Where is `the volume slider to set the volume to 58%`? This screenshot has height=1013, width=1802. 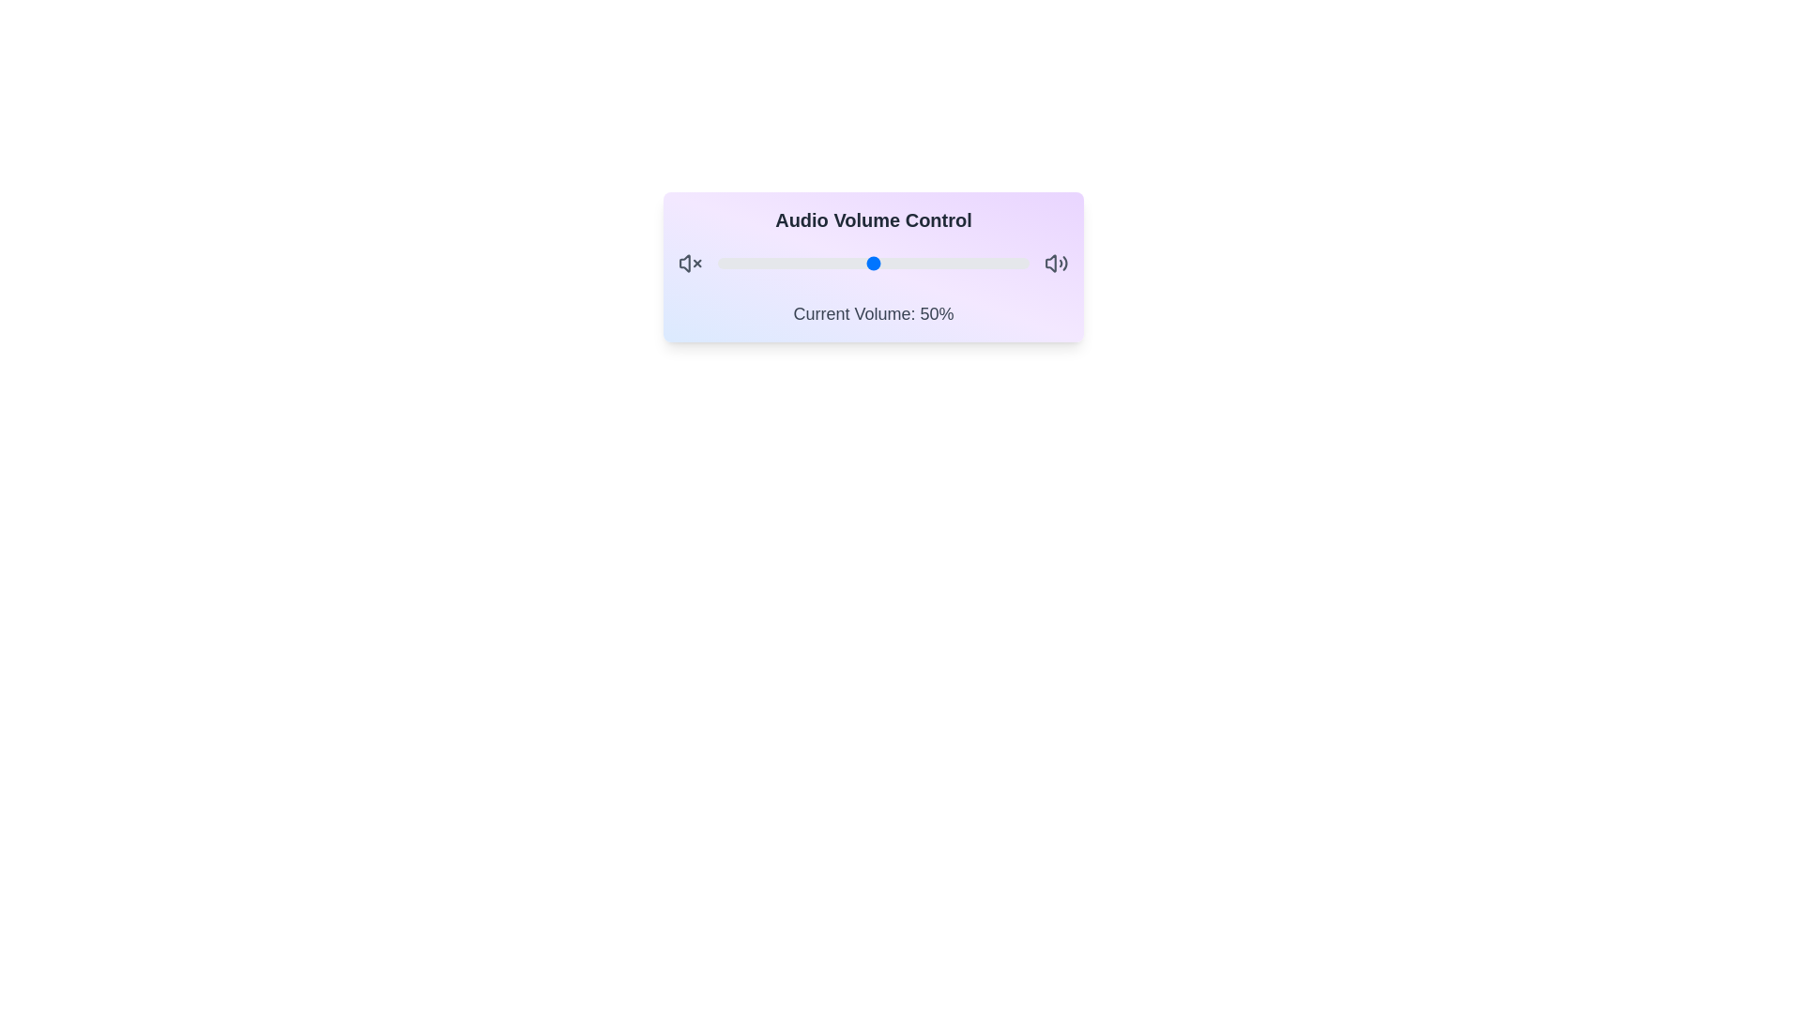 the volume slider to set the volume to 58% is located at coordinates (897, 264).